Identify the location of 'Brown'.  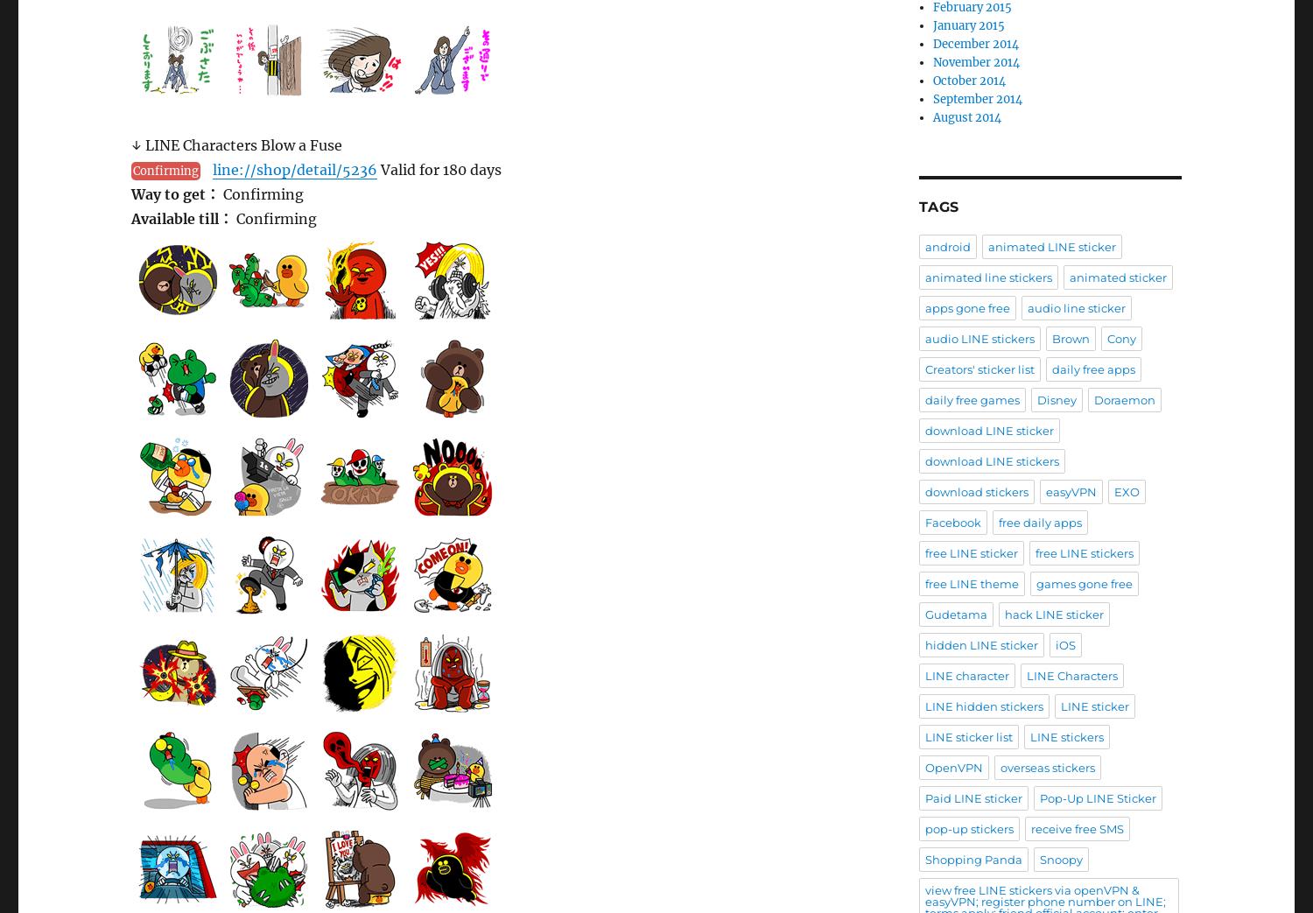
(1050, 338).